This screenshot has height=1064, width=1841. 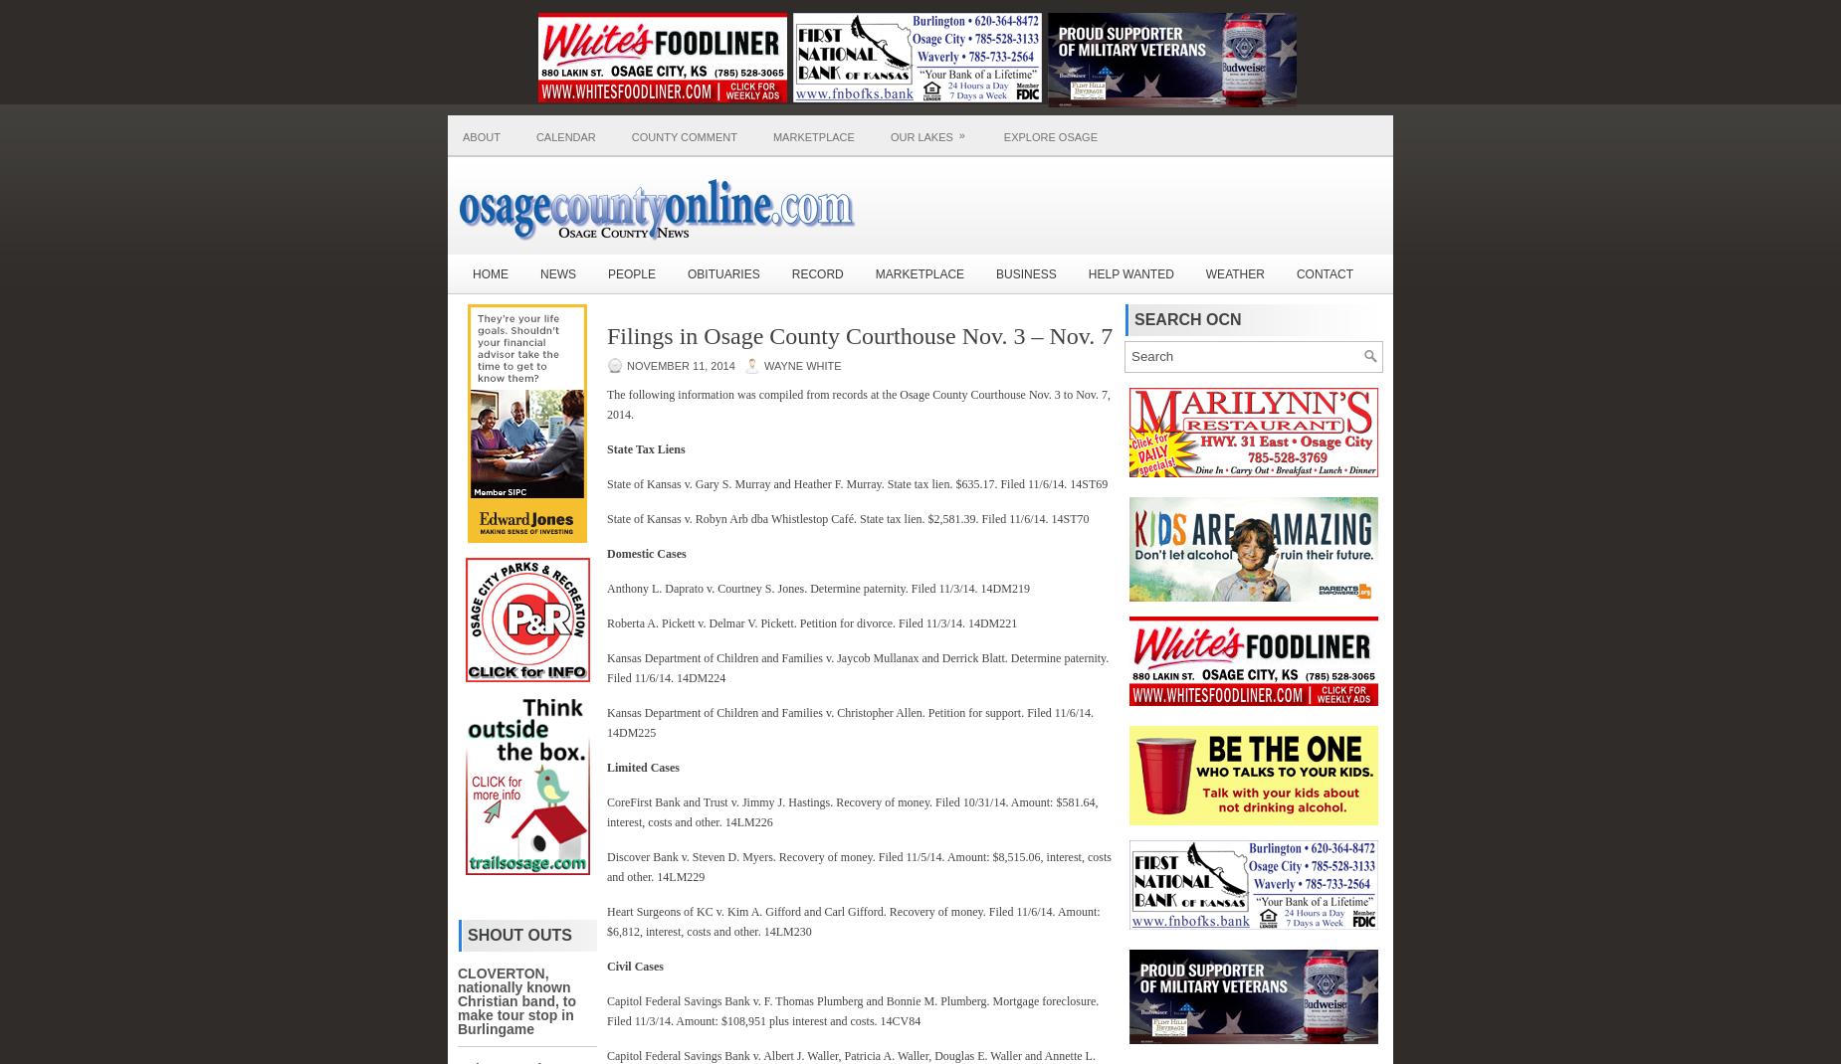 I want to click on 'Record', so click(x=817, y=273).